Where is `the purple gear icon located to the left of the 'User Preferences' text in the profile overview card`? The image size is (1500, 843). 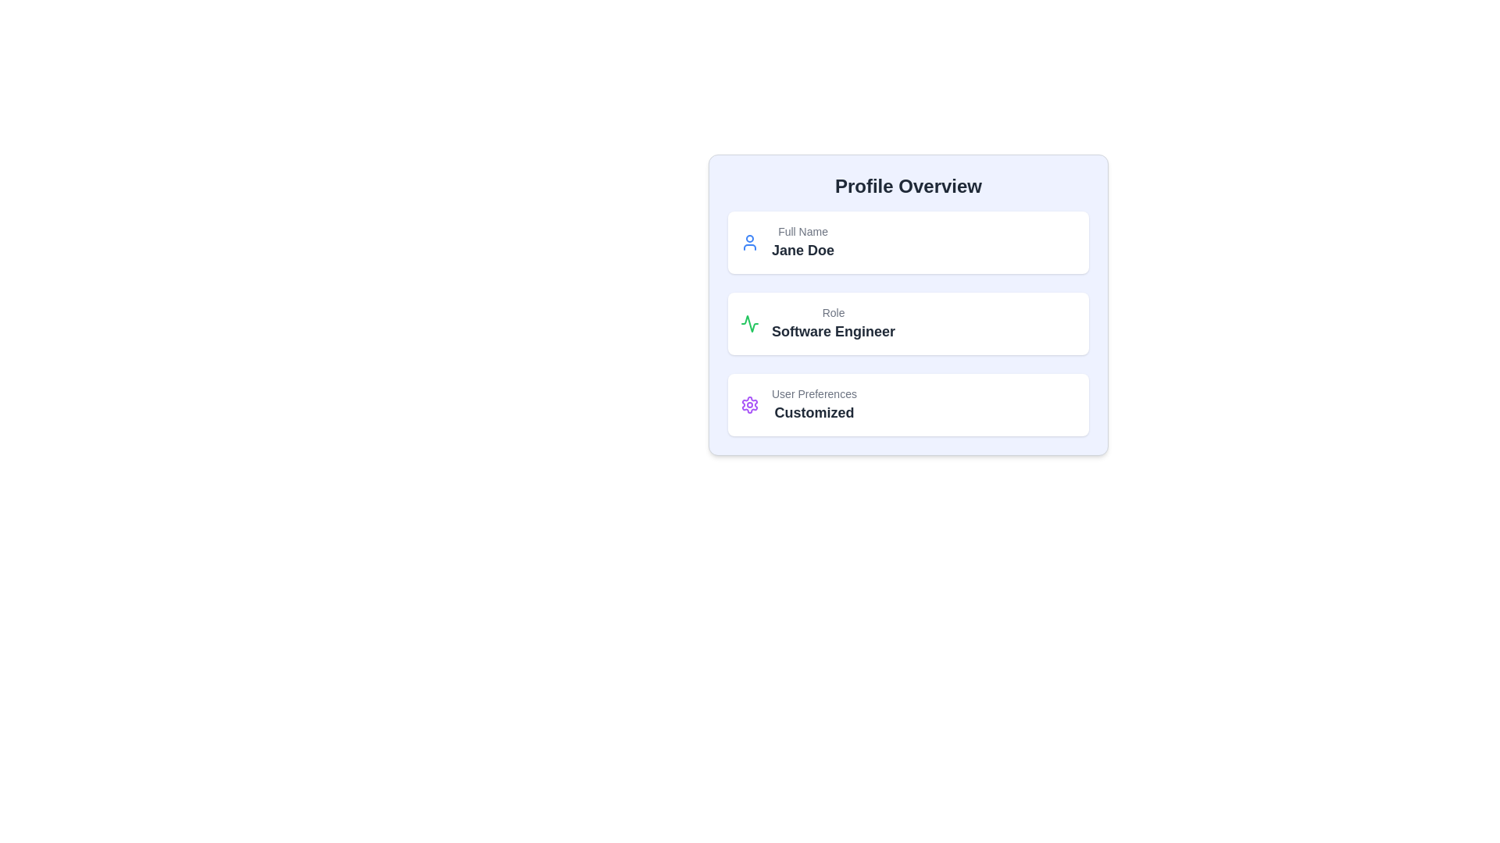
the purple gear icon located to the left of the 'User Preferences' text in the profile overview card is located at coordinates (750, 404).